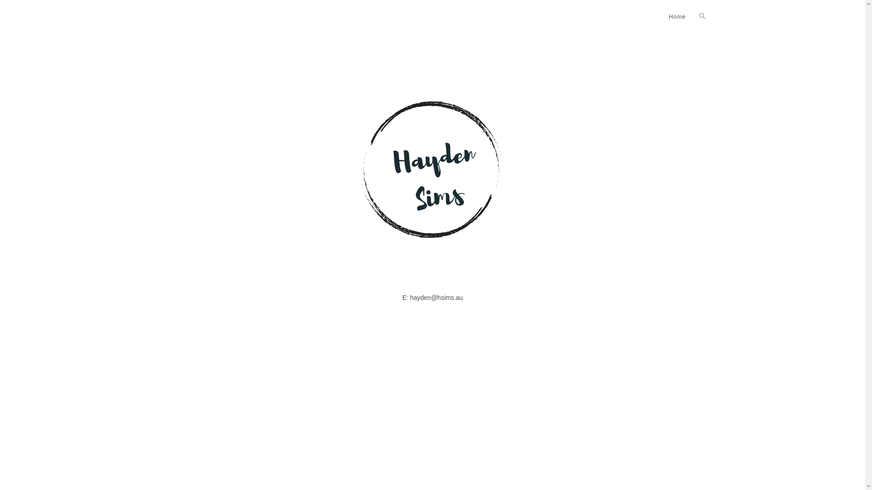 This screenshot has height=490, width=872. I want to click on 'Toggle website search', so click(691, 17).